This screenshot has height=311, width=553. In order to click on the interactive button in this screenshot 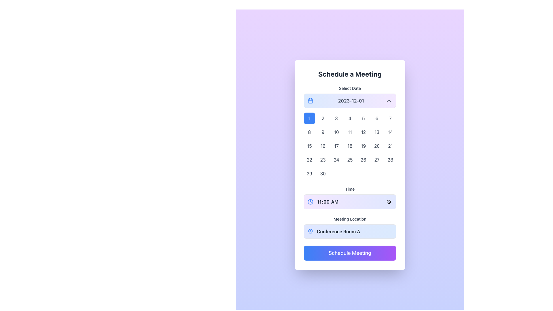, I will do `click(336, 145)`.